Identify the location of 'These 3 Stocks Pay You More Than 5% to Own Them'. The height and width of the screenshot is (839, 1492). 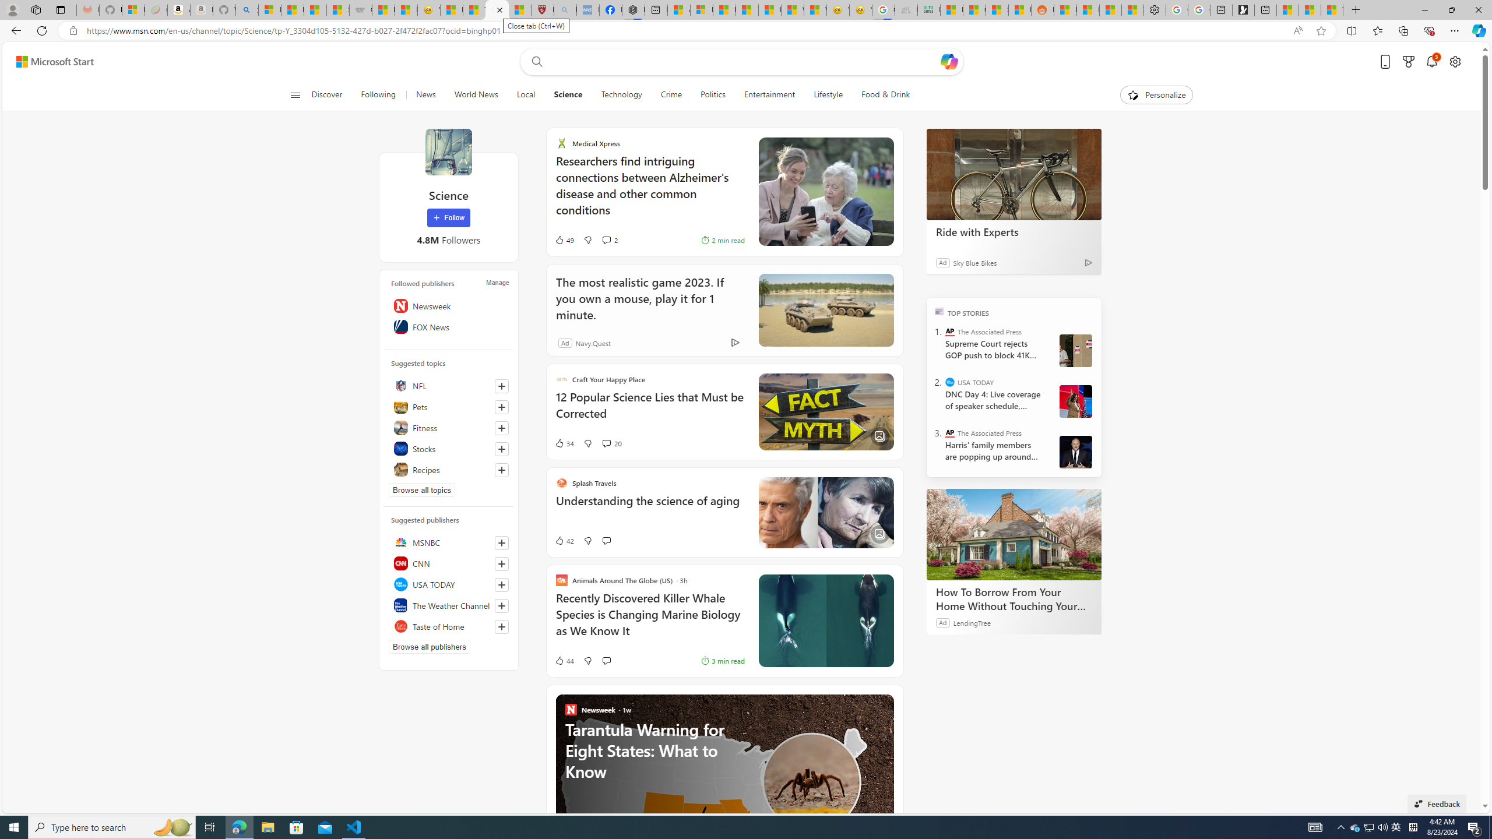
(1332, 9).